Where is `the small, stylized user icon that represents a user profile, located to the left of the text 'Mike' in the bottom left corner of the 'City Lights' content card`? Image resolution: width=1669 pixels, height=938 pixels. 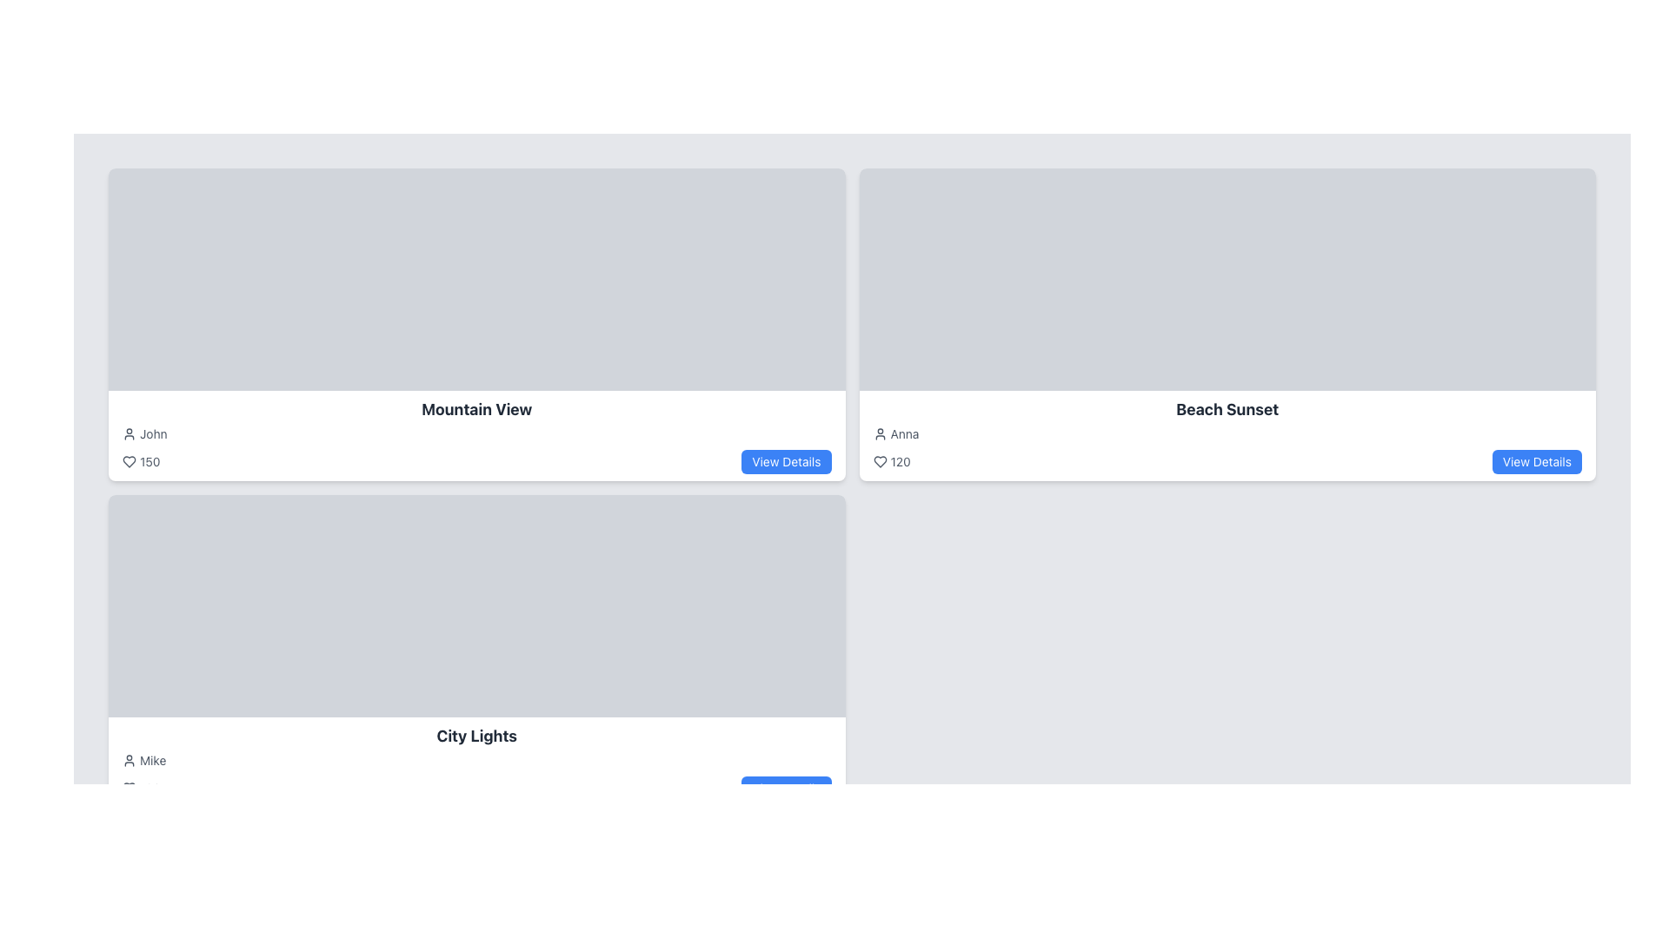 the small, stylized user icon that represents a user profile, located to the left of the text 'Mike' in the bottom left corner of the 'City Lights' content card is located at coordinates (128, 759).